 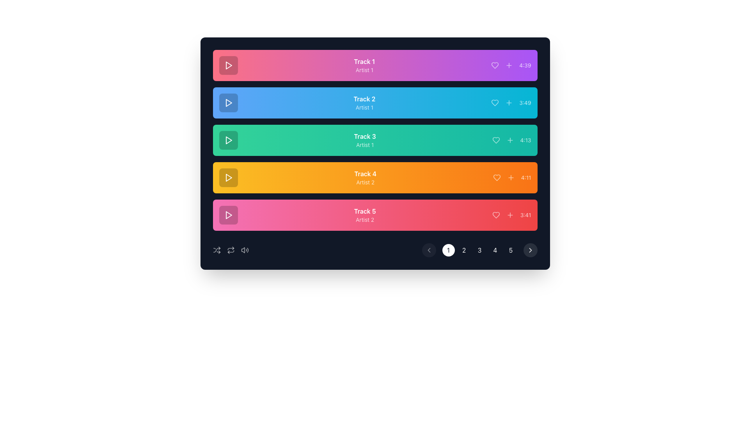 I want to click on the third pagination button for keyboard navigation, so click(x=479, y=250).